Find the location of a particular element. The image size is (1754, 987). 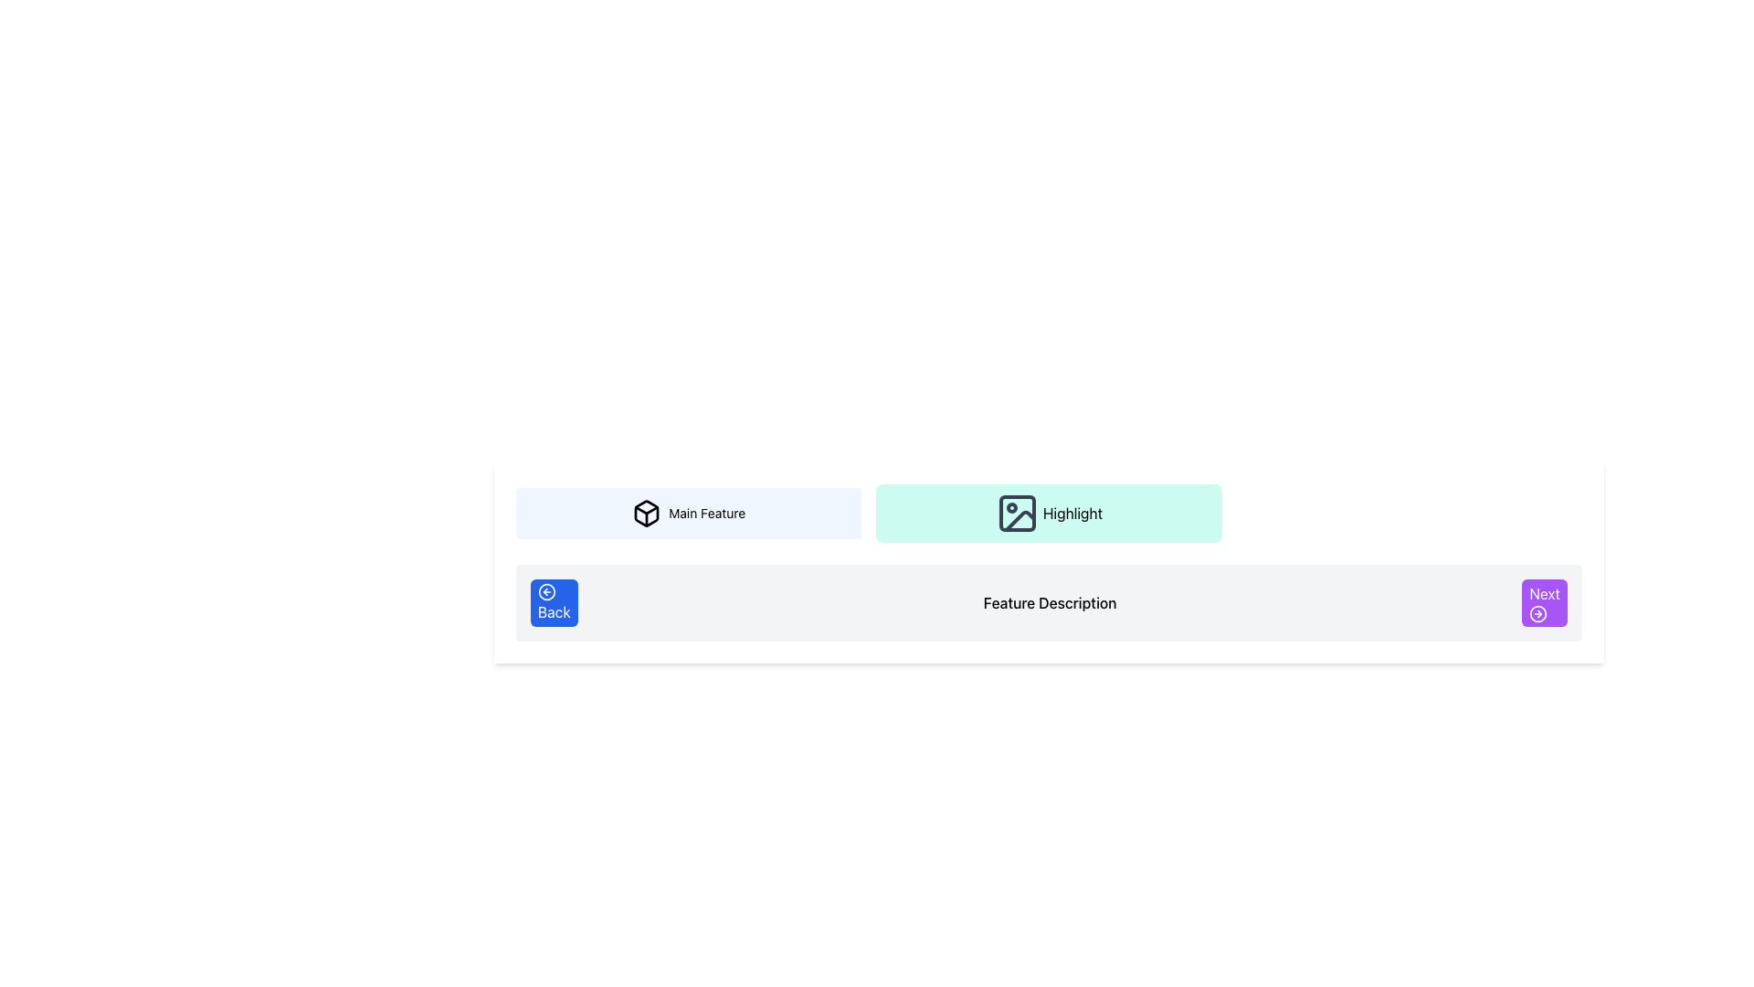

the 'Back' button which features a backward navigation SVG icon, located on the left side of the bottom navigation bar is located at coordinates (546, 592).